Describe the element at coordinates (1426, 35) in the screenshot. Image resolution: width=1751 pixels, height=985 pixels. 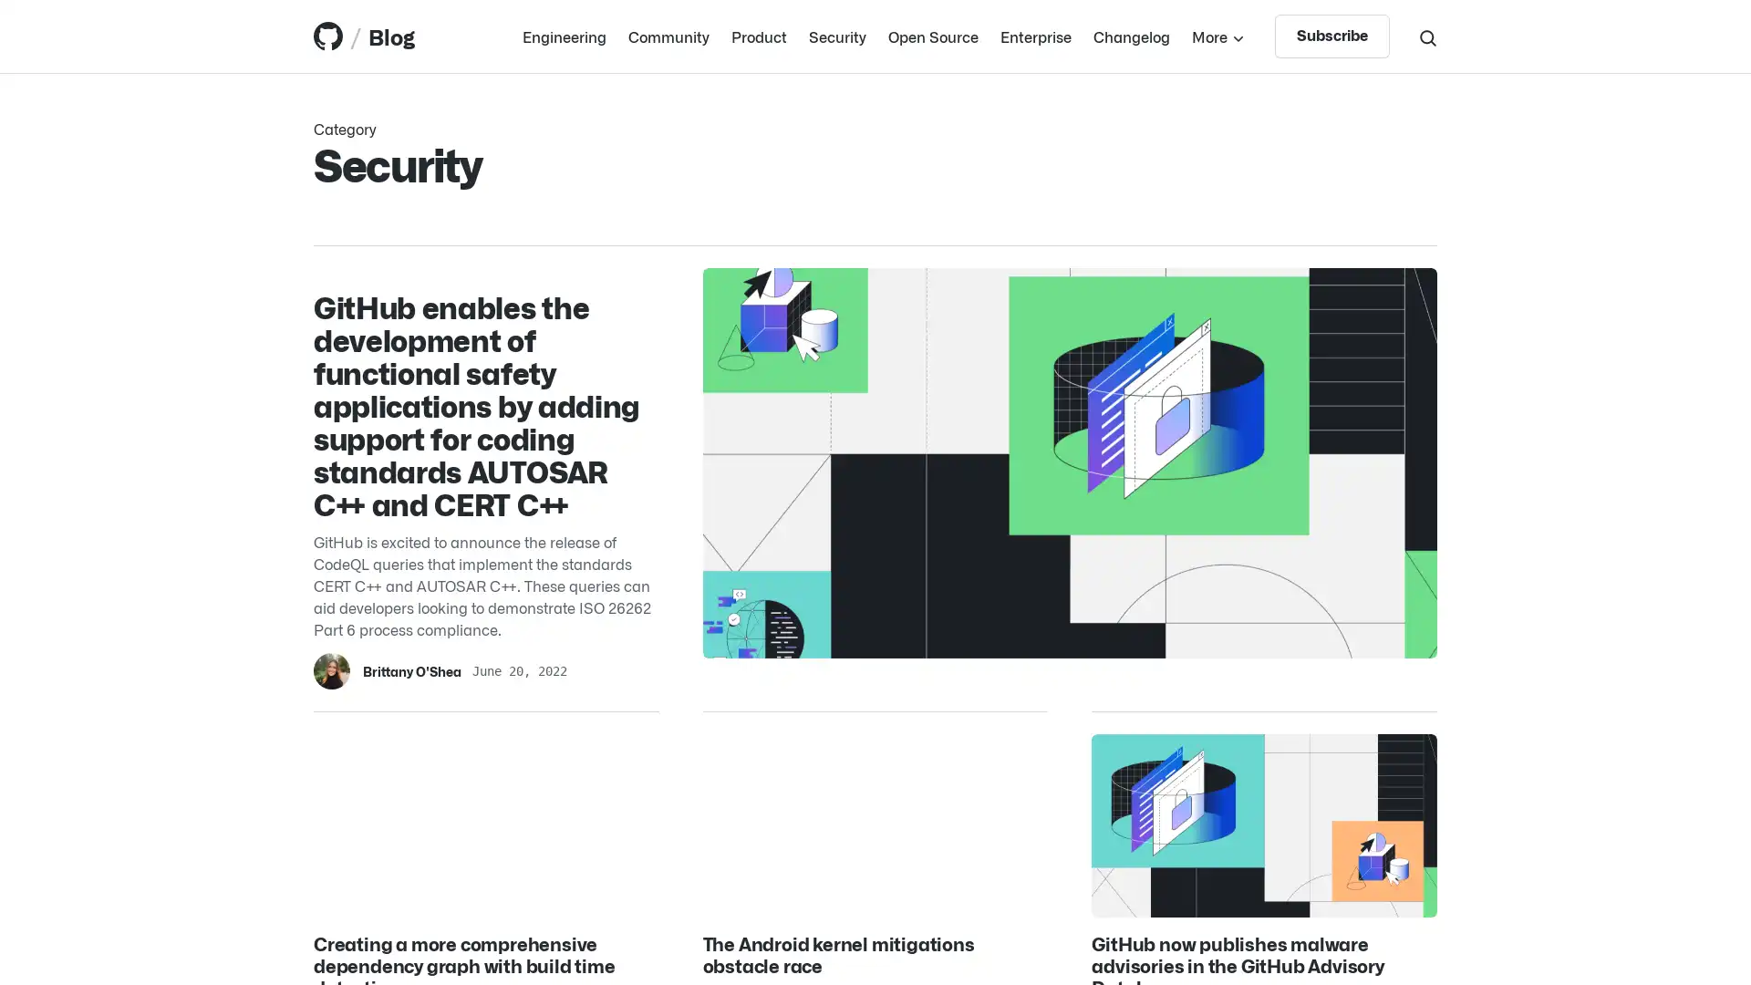
I see `Search toggle` at that location.